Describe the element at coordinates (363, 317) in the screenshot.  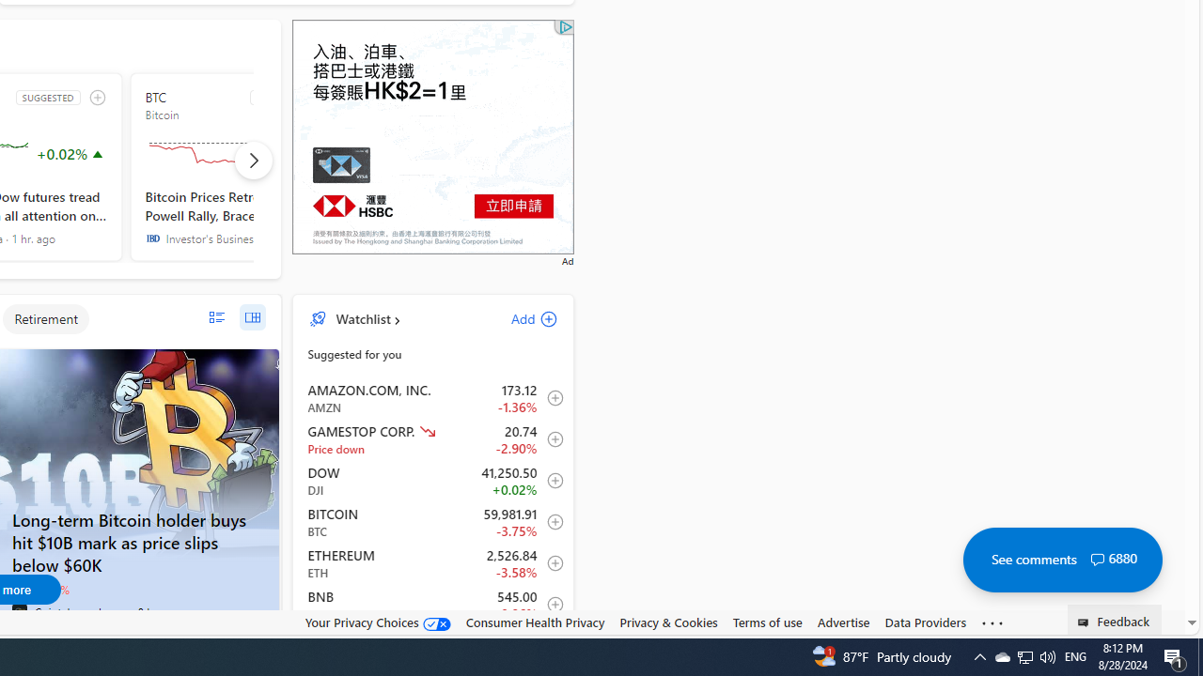
I see `'Watchlist'` at that location.